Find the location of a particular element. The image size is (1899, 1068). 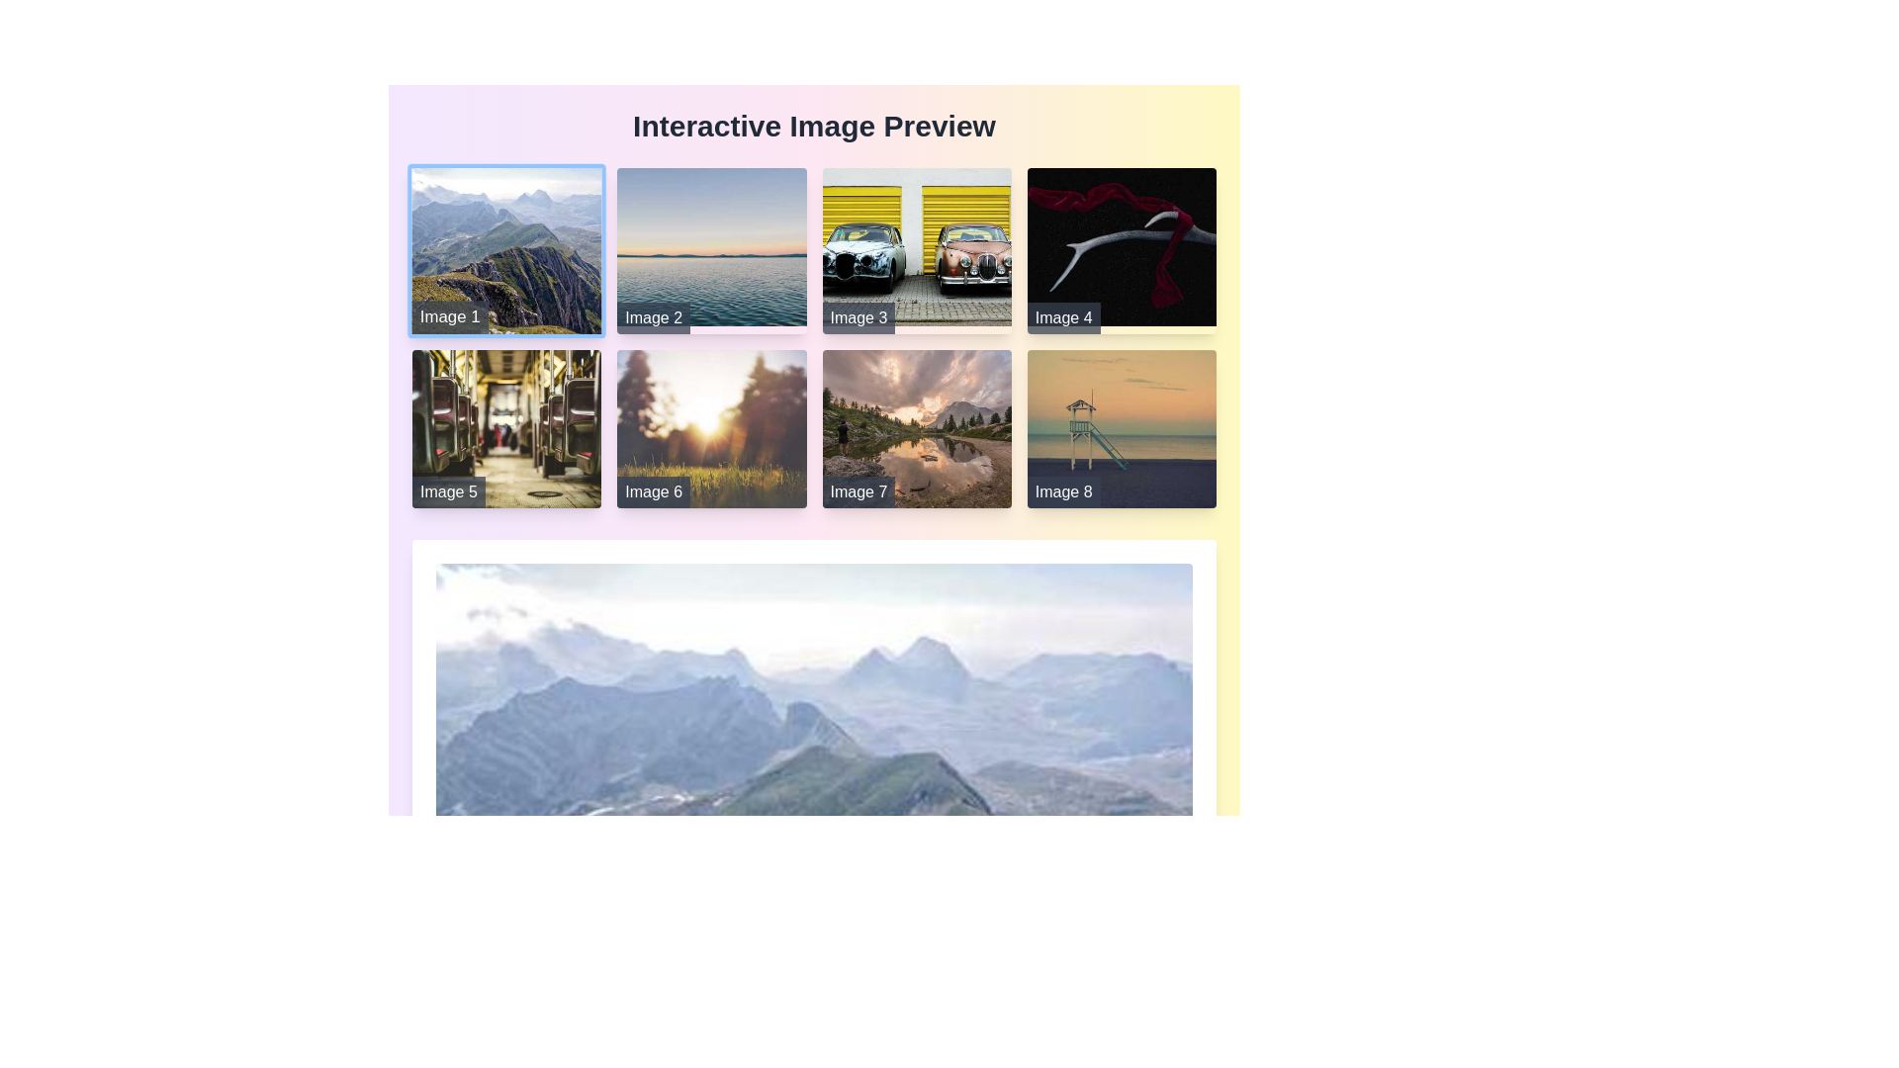

the decorative image element located in the top right section of the image grid is located at coordinates (1122, 246).